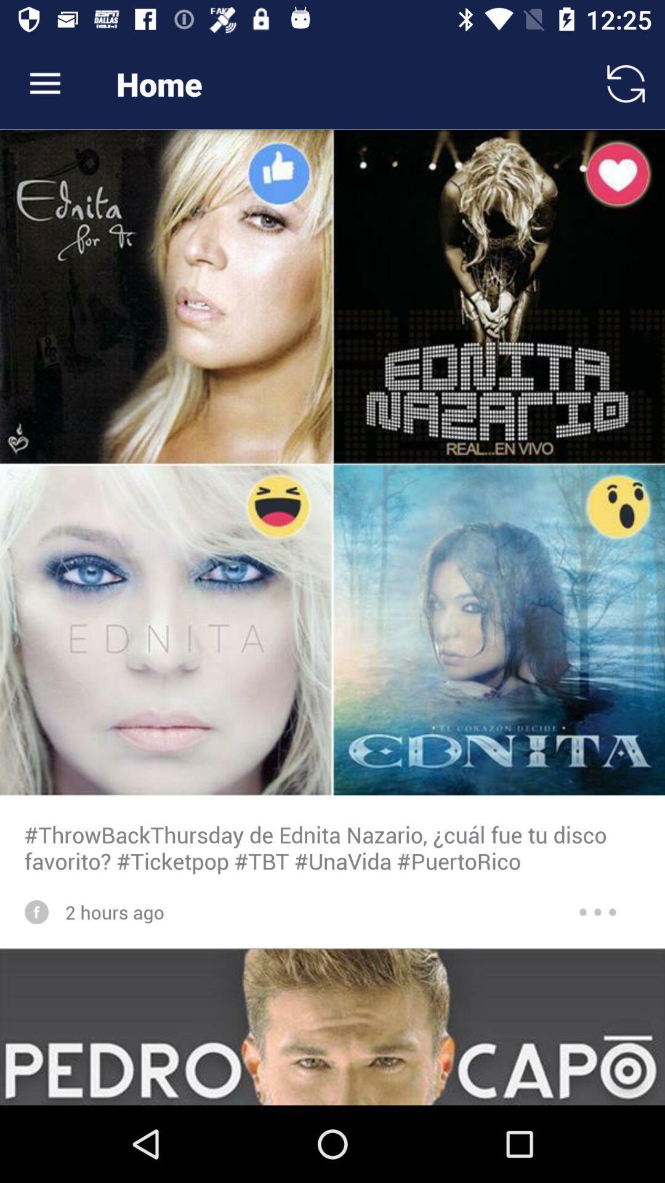 This screenshot has width=665, height=1183. Describe the element at coordinates (626, 83) in the screenshot. I see `the item next to the home icon` at that location.